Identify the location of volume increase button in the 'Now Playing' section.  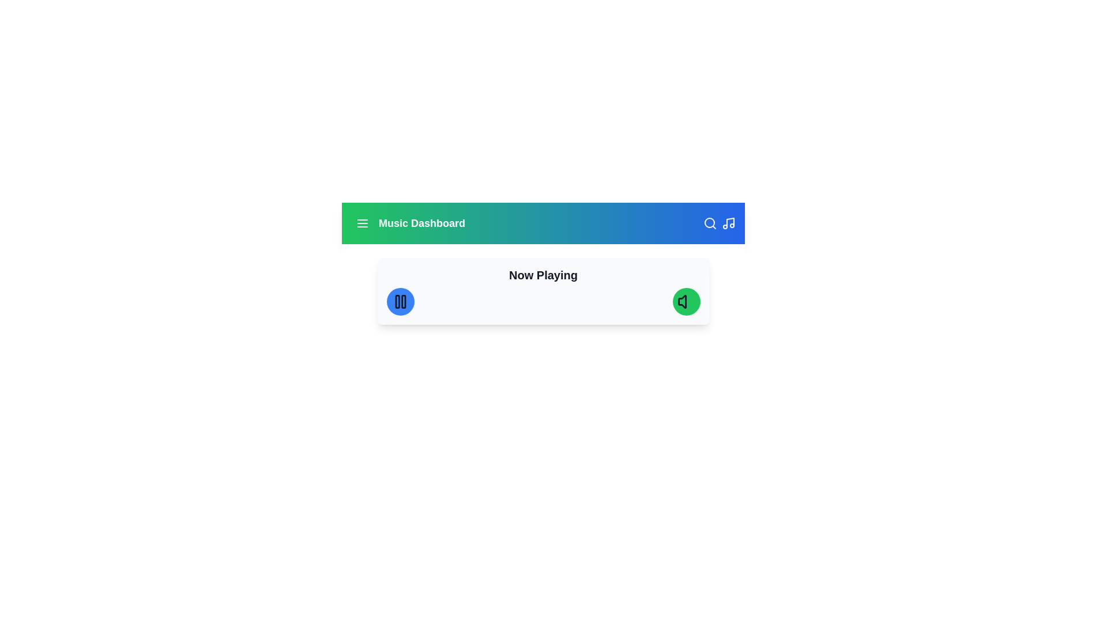
(686, 301).